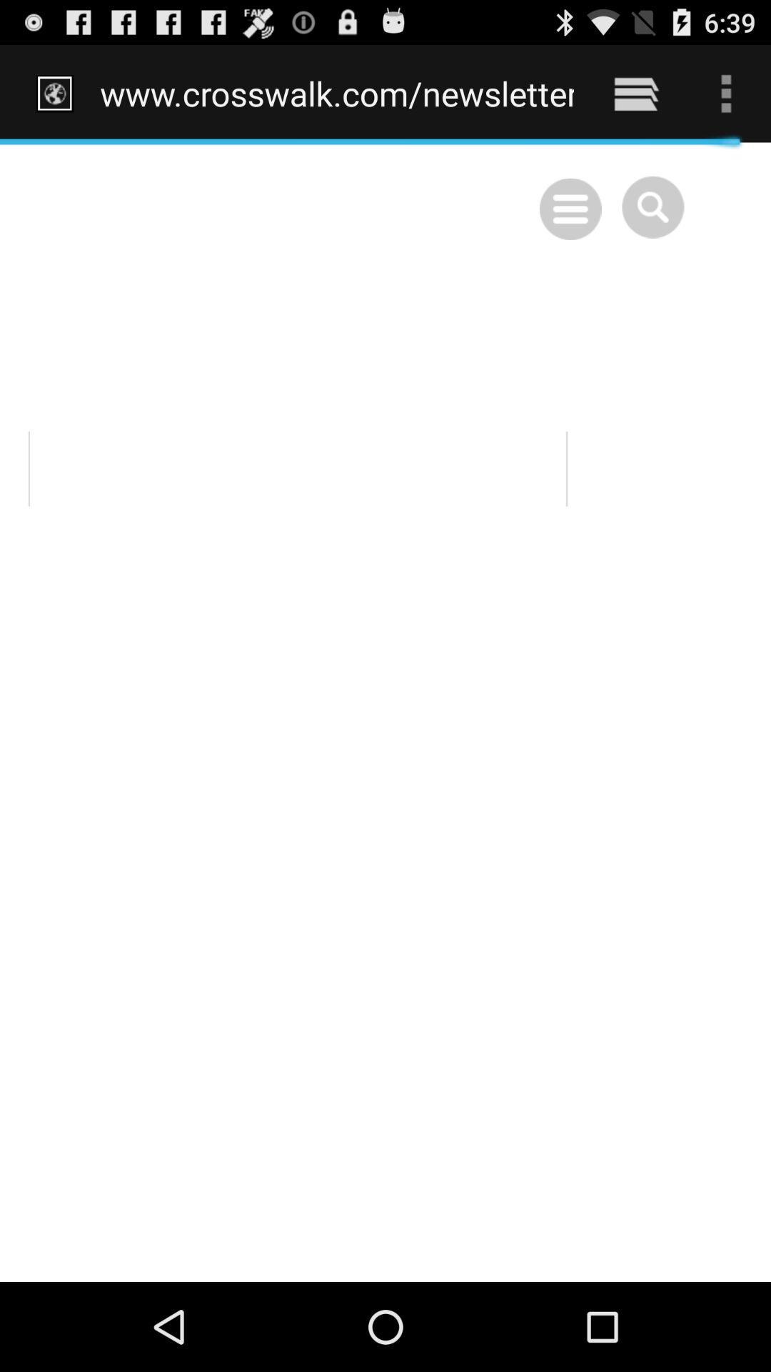  Describe the element at coordinates (337, 93) in the screenshot. I see `the www crosswalk com item` at that location.